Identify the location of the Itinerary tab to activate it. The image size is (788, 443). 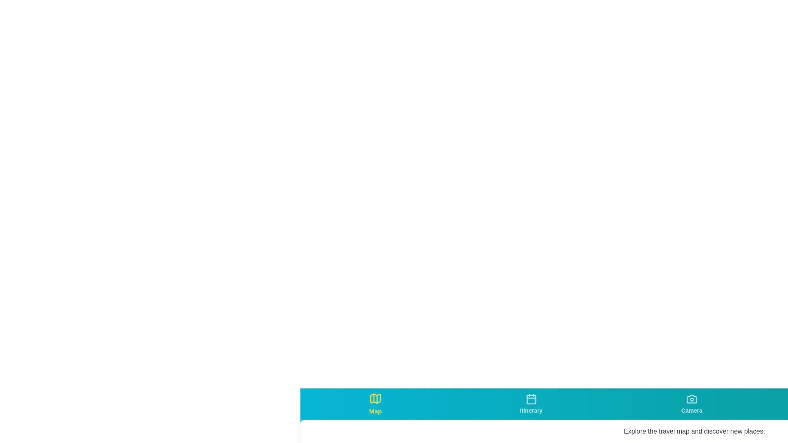
(531, 403).